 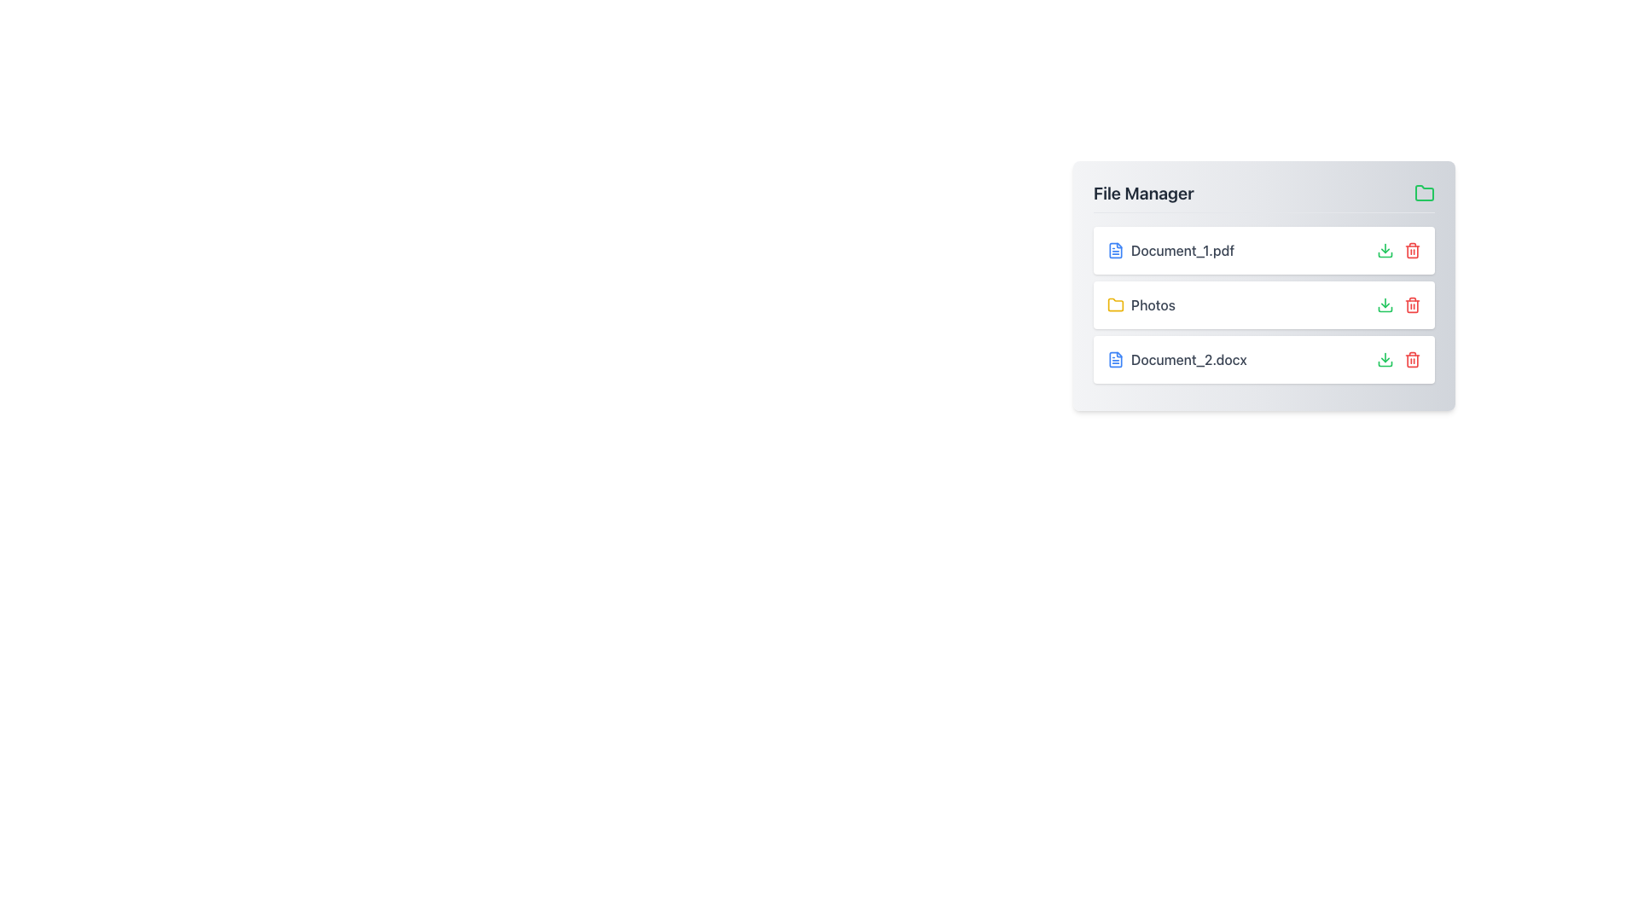 What do you see at coordinates (1175, 358) in the screenshot?
I see `the file name label located` at bounding box center [1175, 358].